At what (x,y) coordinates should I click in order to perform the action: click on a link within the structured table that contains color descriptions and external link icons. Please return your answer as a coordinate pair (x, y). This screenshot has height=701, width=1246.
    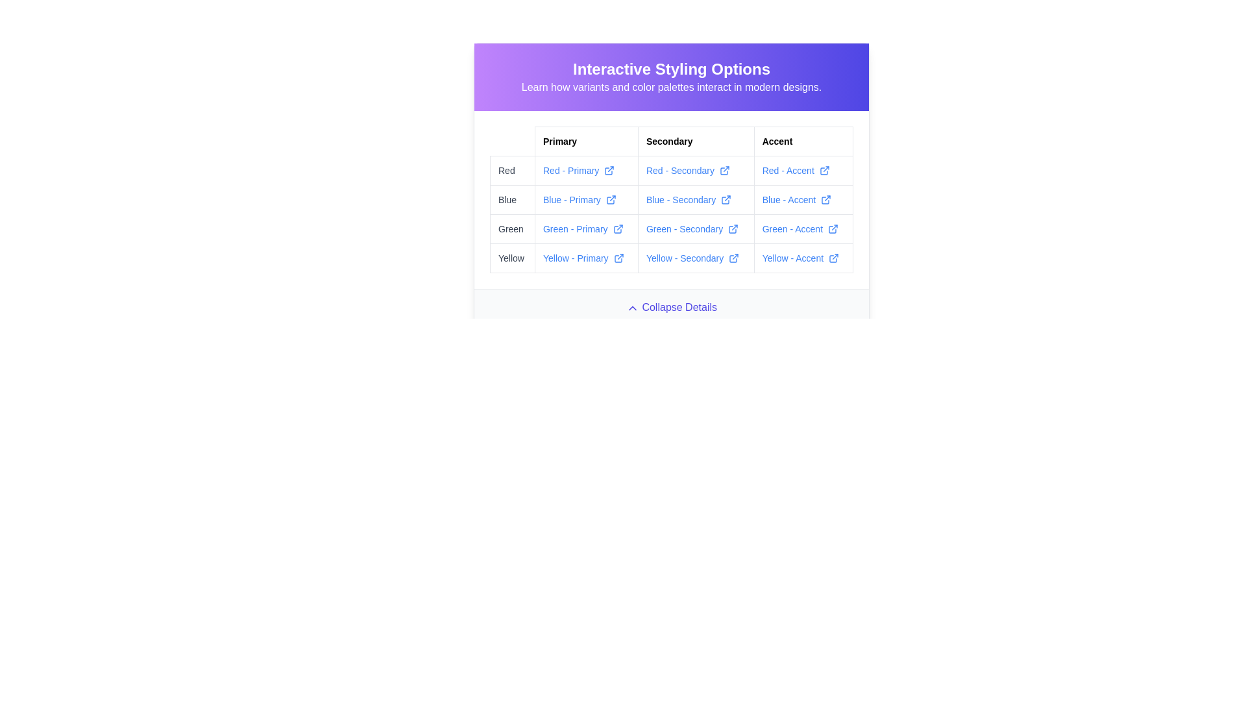
    Looking at the image, I should click on (672, 200).